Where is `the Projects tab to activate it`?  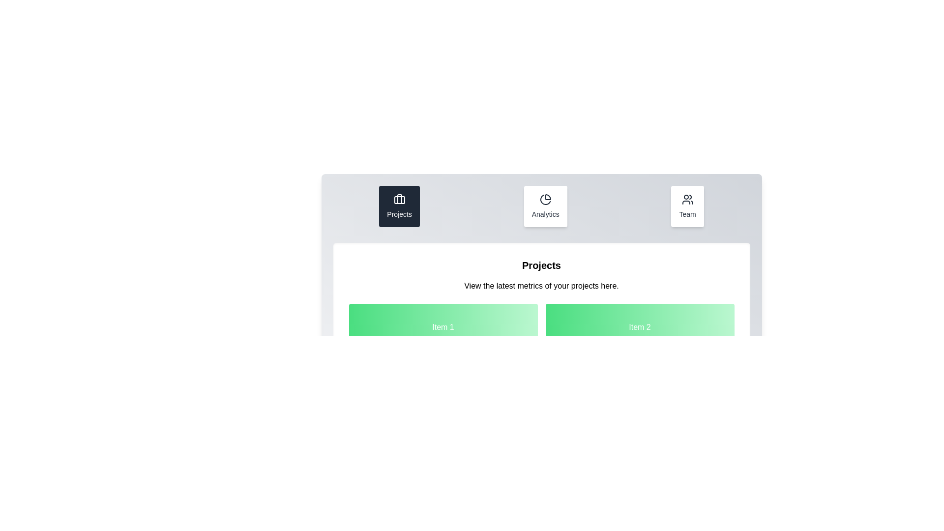
the Projects tab to activate it is located at coordinates (399, 206).